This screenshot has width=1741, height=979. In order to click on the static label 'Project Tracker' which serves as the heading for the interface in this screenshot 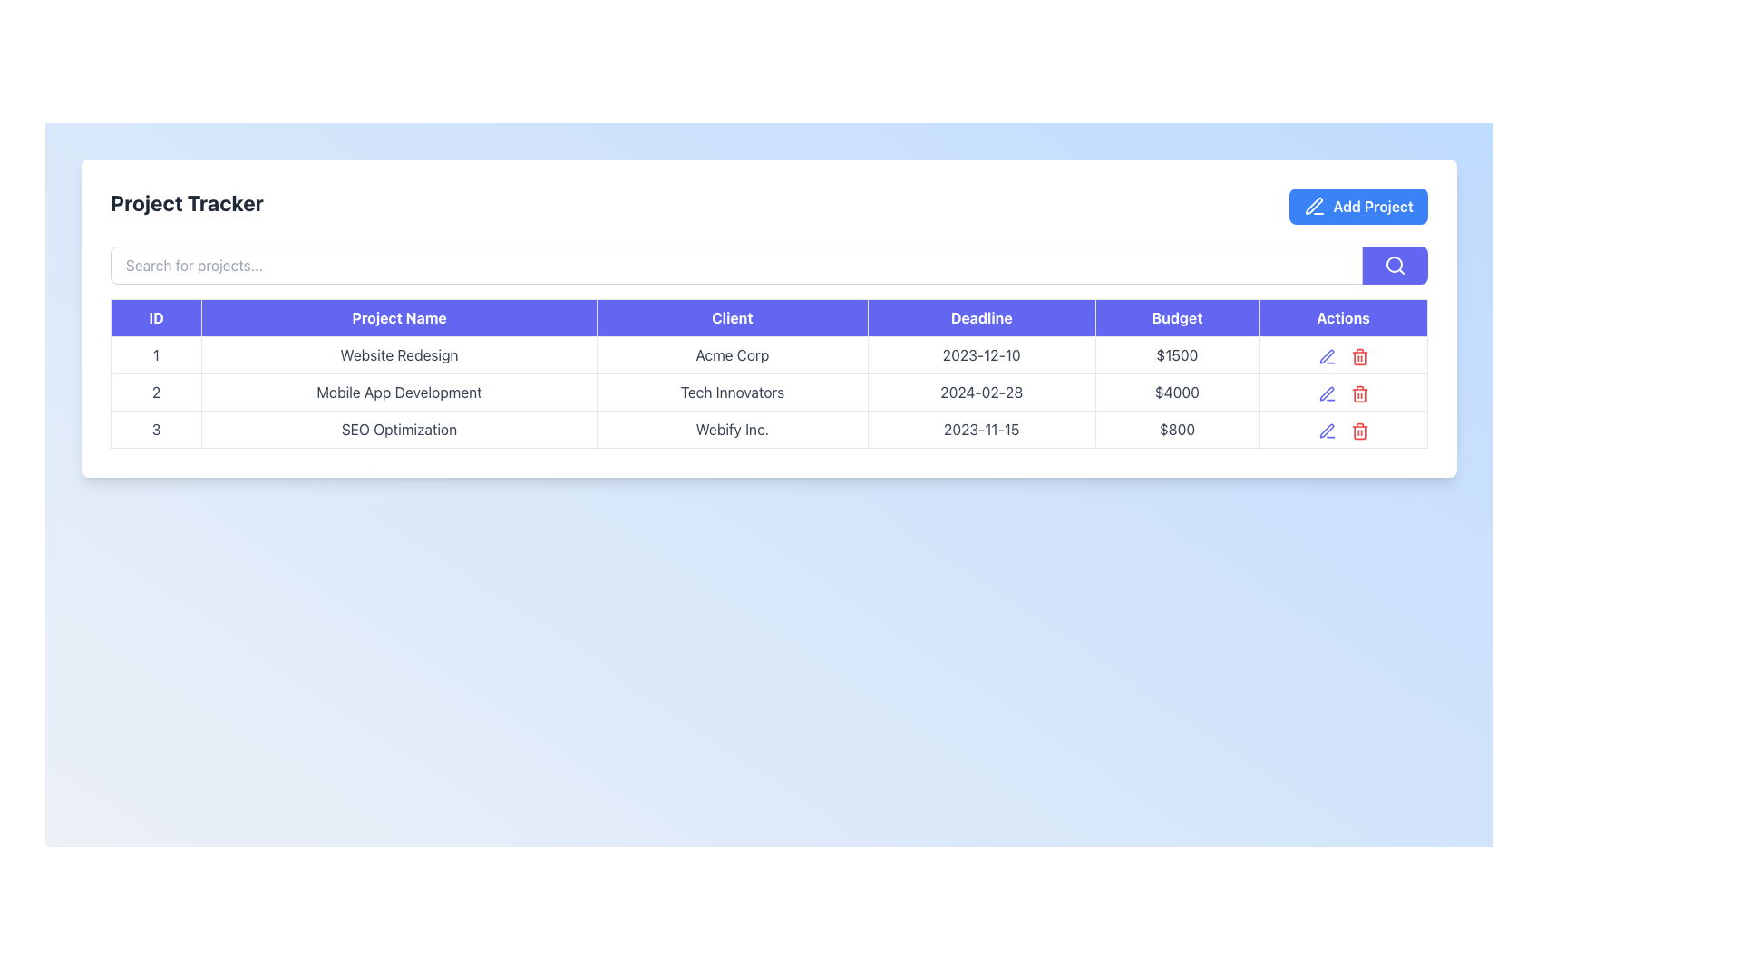, I will do `click(187, 205)`.